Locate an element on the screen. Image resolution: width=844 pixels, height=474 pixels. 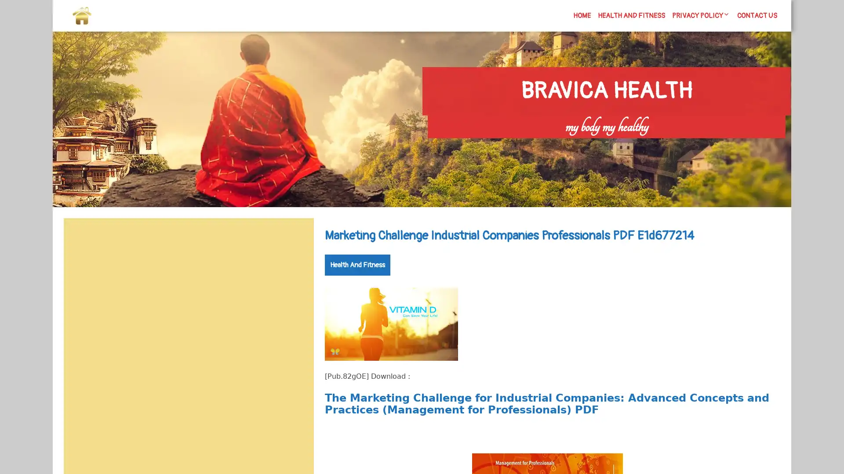
Search is located at coordinates (293, 239).